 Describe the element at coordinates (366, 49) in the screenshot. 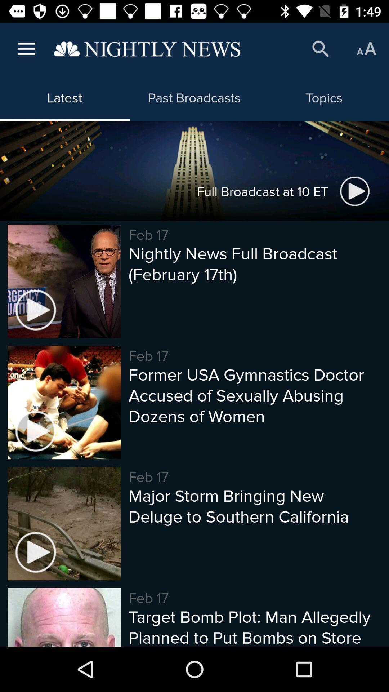

I see `the item above the topics icon` at that location.